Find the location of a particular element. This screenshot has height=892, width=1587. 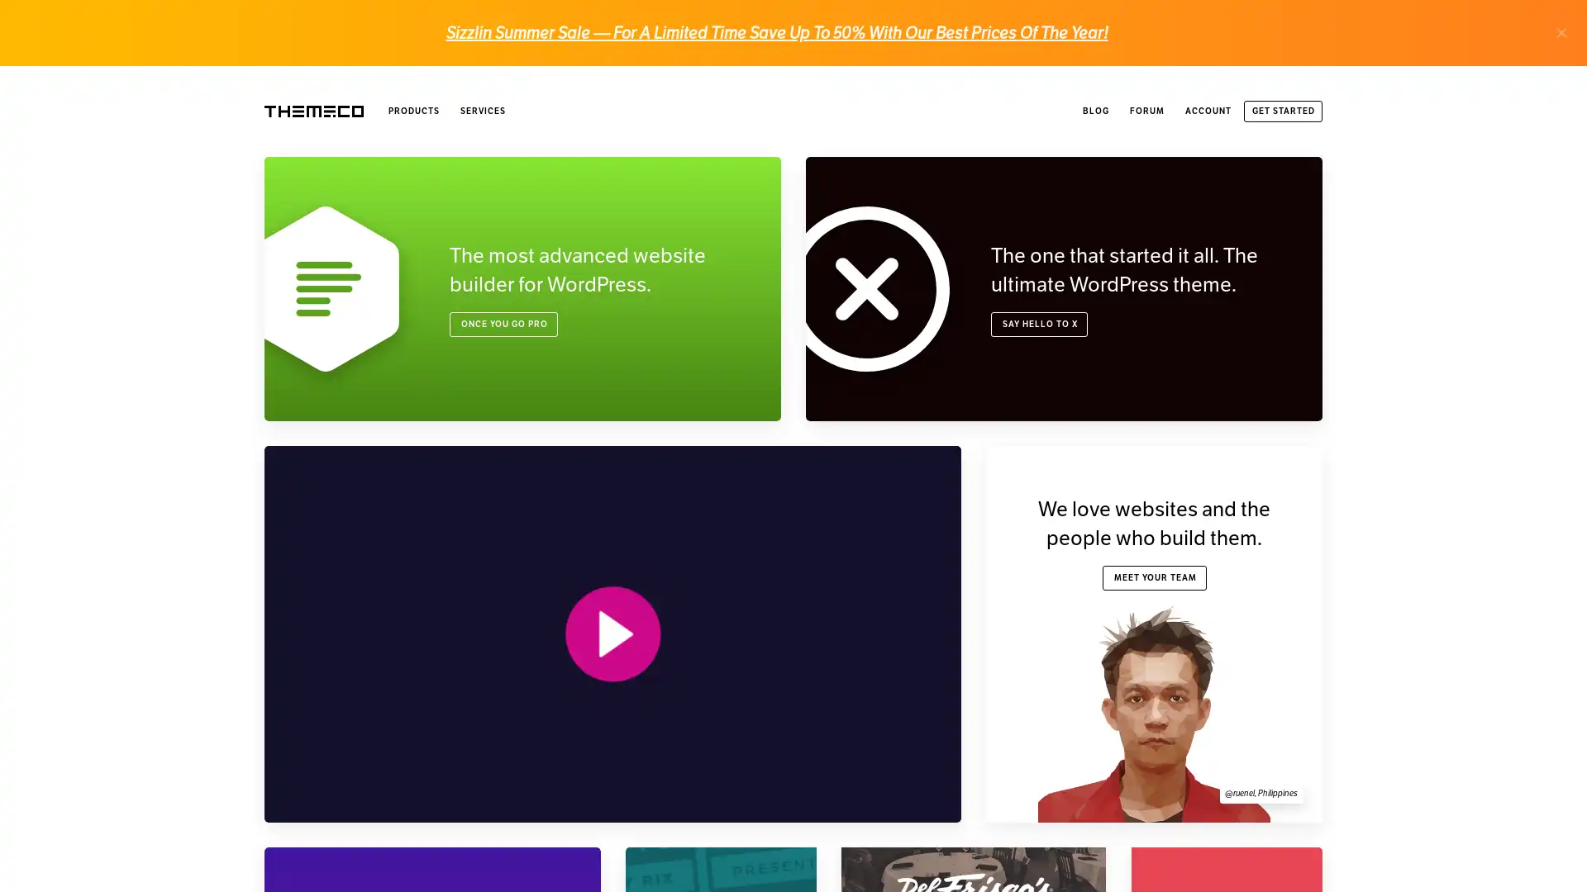

PLAY VIDEO is located at coordinates (612, 633).